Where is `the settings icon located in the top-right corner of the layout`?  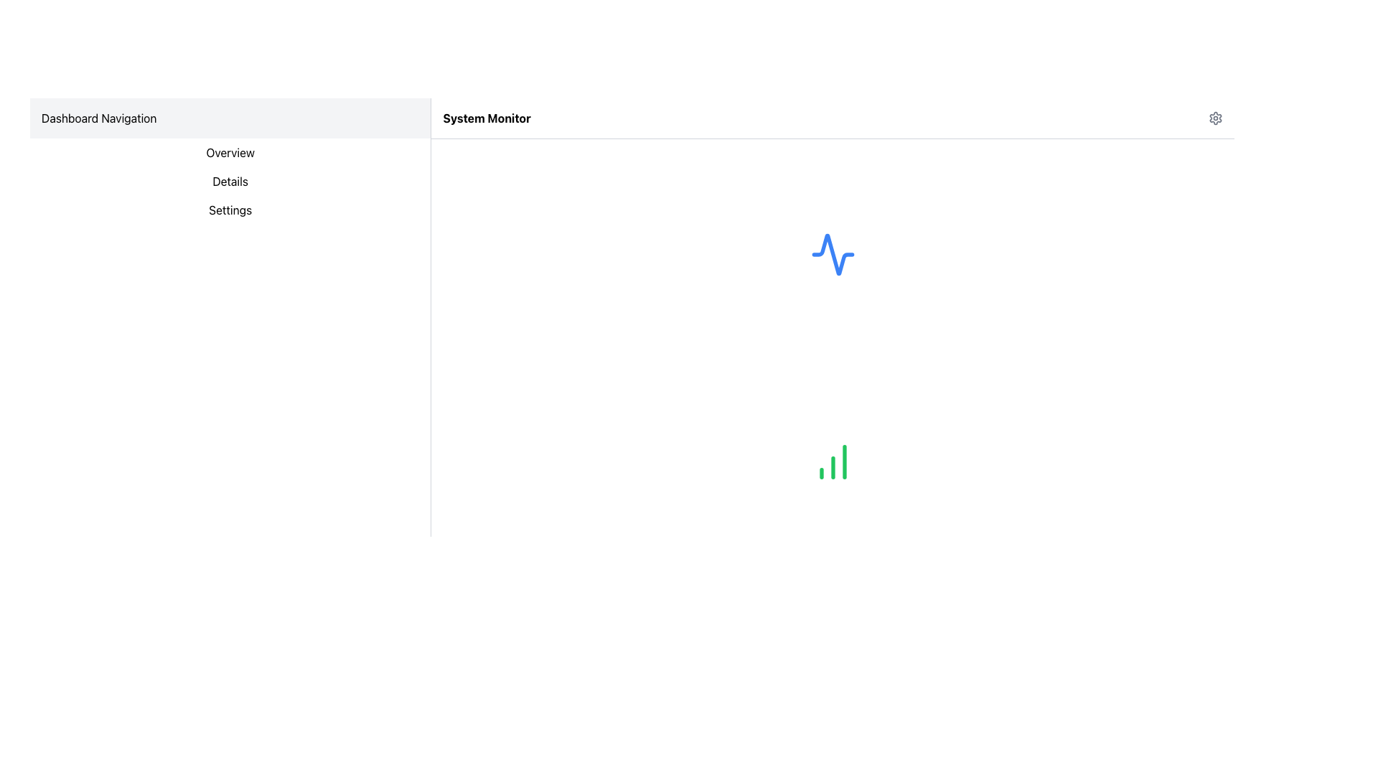 the settings icon located in the top-right corner of the layout is located at coordinates (1215, 118).